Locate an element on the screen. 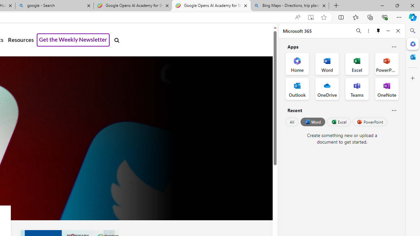 The image size is (420, 236). 'Is this helpful?' is located at coordinates (394, 110).